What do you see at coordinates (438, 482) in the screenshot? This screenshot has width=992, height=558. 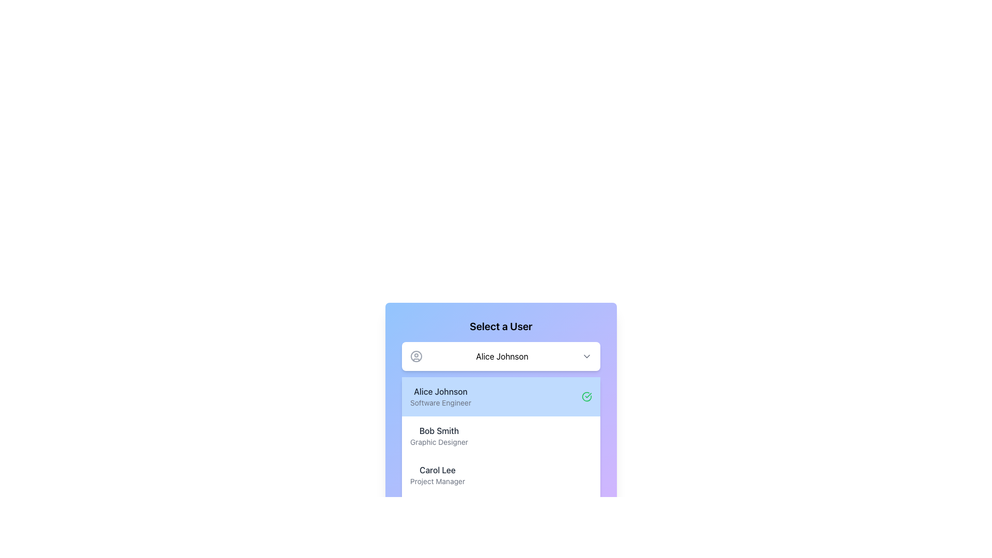 I see `the 'Project Manager' text label, which is a smaller gray font located beneath 'Carol Lee' in the user list` at bounding box center [438, 482].